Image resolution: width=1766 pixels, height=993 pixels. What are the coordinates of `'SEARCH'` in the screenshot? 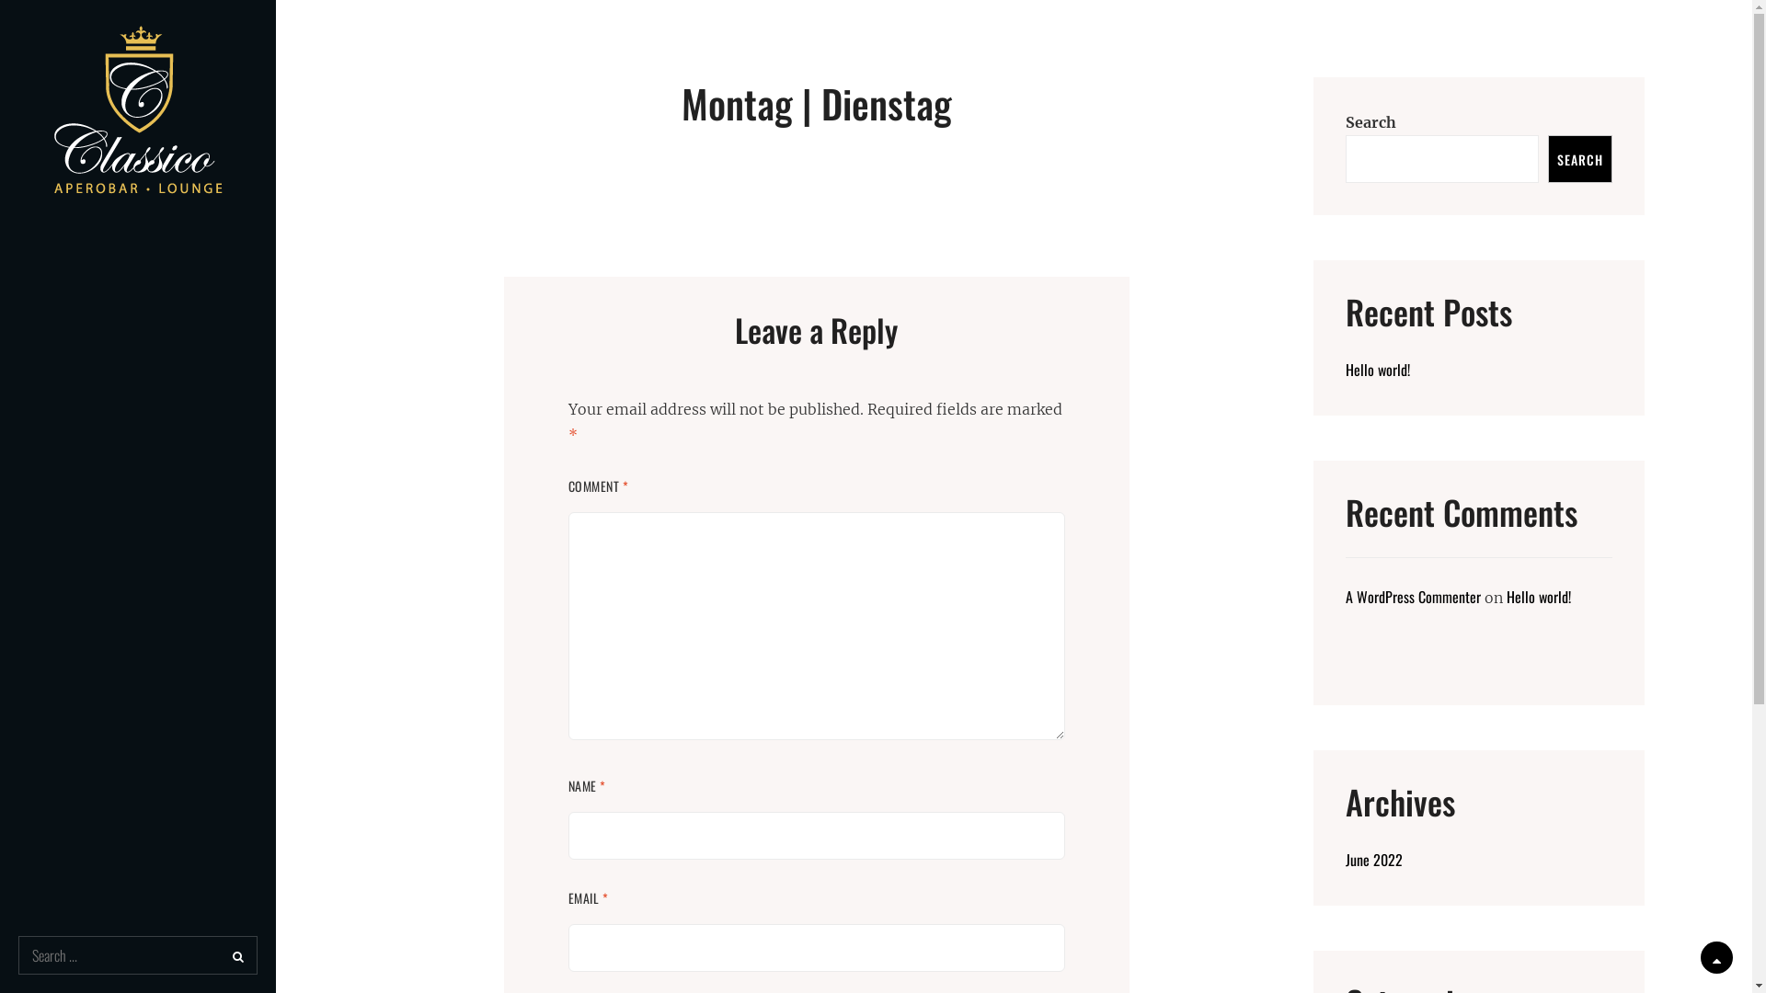 It's located at (1579, 158).